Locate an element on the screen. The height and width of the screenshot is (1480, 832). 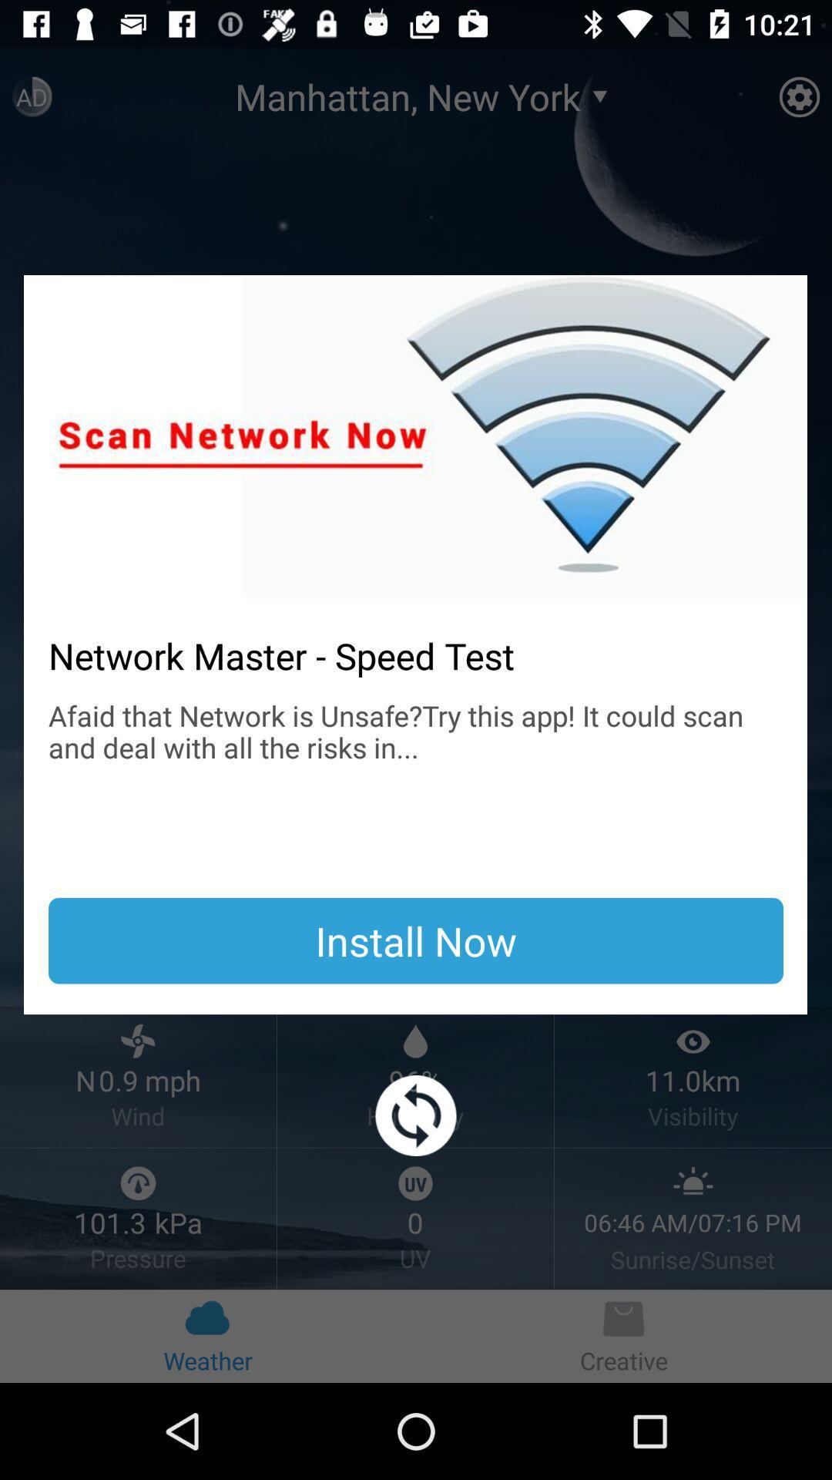
install now icon is located at coordinates (416, 940).